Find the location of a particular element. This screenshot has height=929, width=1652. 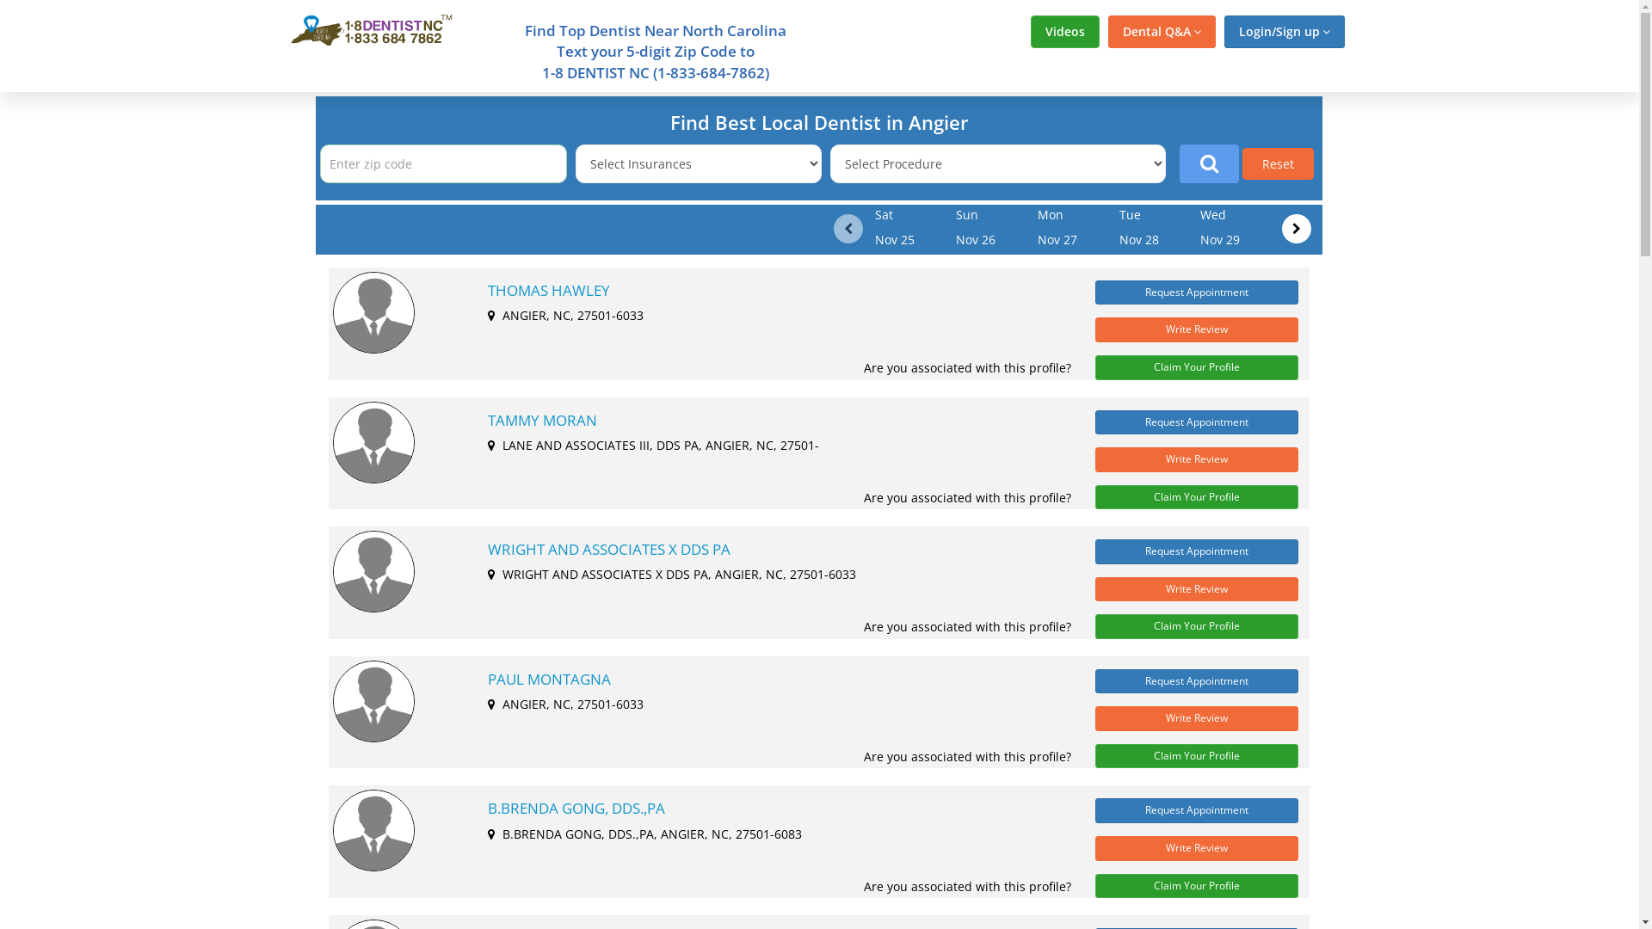

'Write Review' is located at coordinates (1196, 329).